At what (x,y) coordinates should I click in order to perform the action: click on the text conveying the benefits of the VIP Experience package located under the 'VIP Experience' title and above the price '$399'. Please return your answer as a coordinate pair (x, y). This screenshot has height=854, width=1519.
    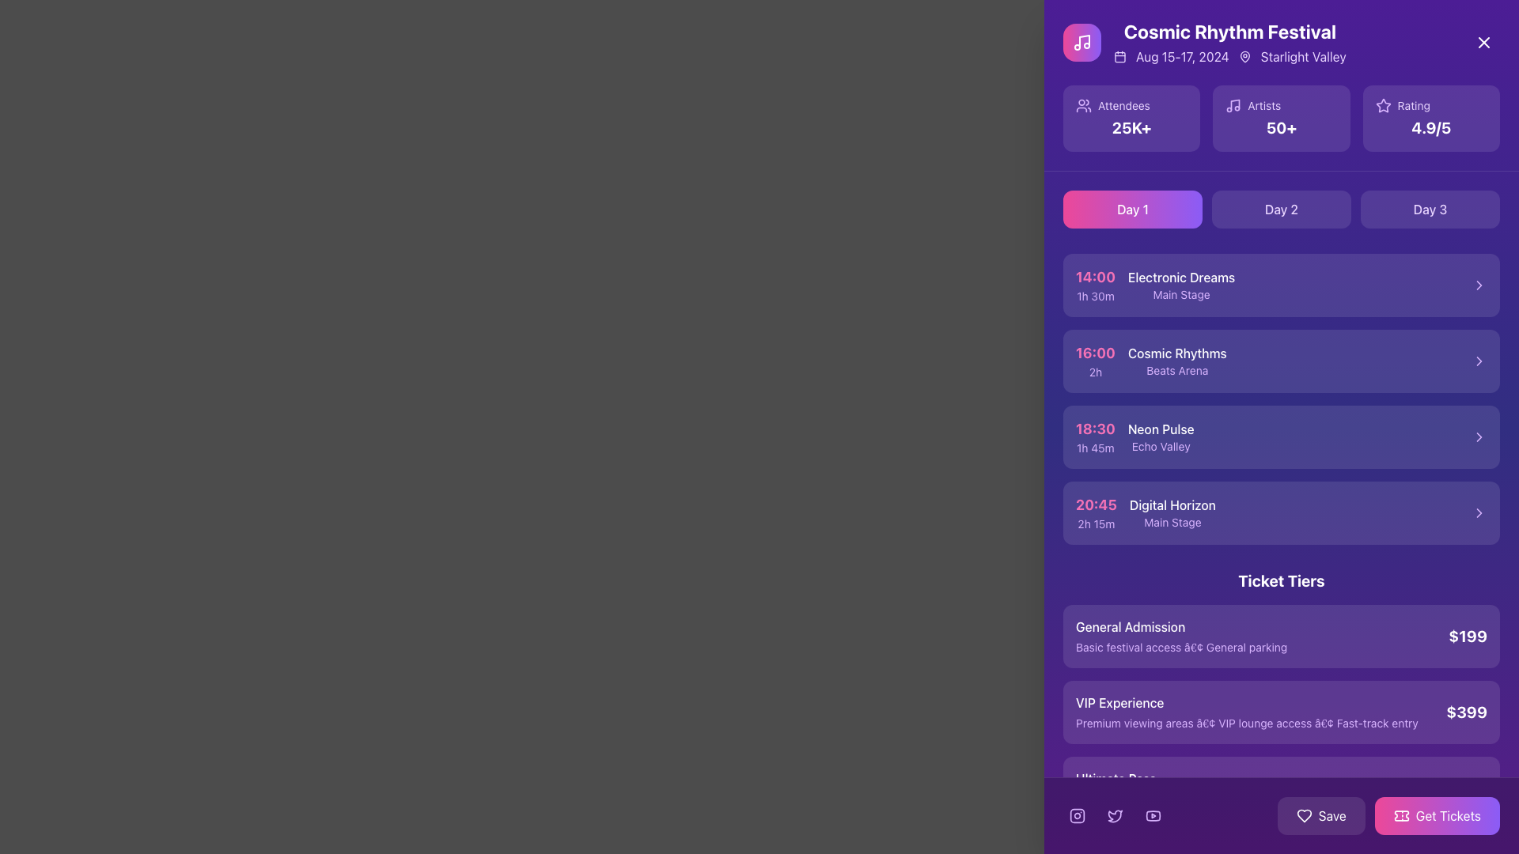
    Looking at the image, I should click on (1246, 723).